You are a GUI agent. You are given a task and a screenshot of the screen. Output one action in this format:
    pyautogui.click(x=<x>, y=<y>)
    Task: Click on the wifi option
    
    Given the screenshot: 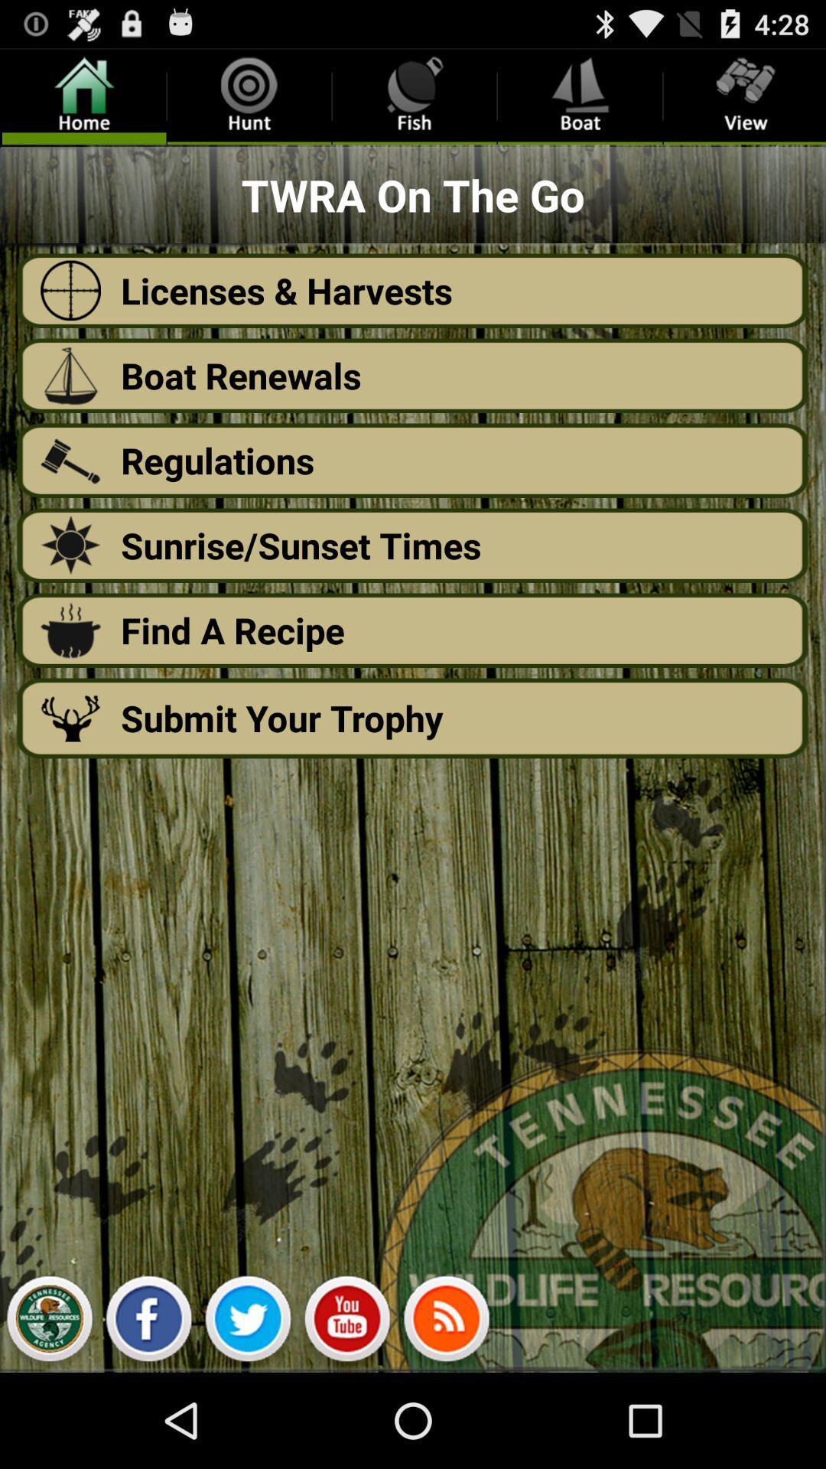 What is the action you would take?
    pyautogui.click(x=446, y=1322)
    